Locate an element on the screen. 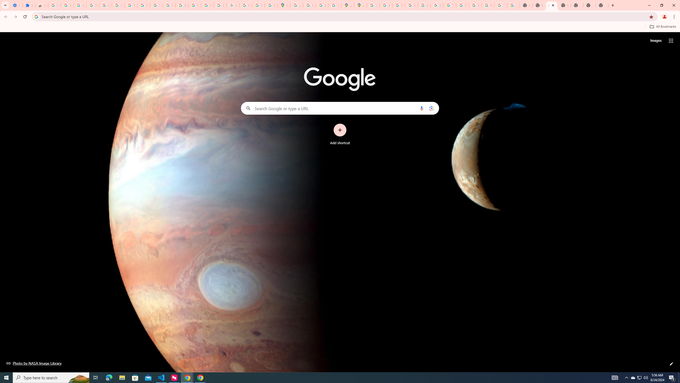 The width and height of the screenshot is (680, 383). 'Add shortcut' is located at coordinates (340, 134).